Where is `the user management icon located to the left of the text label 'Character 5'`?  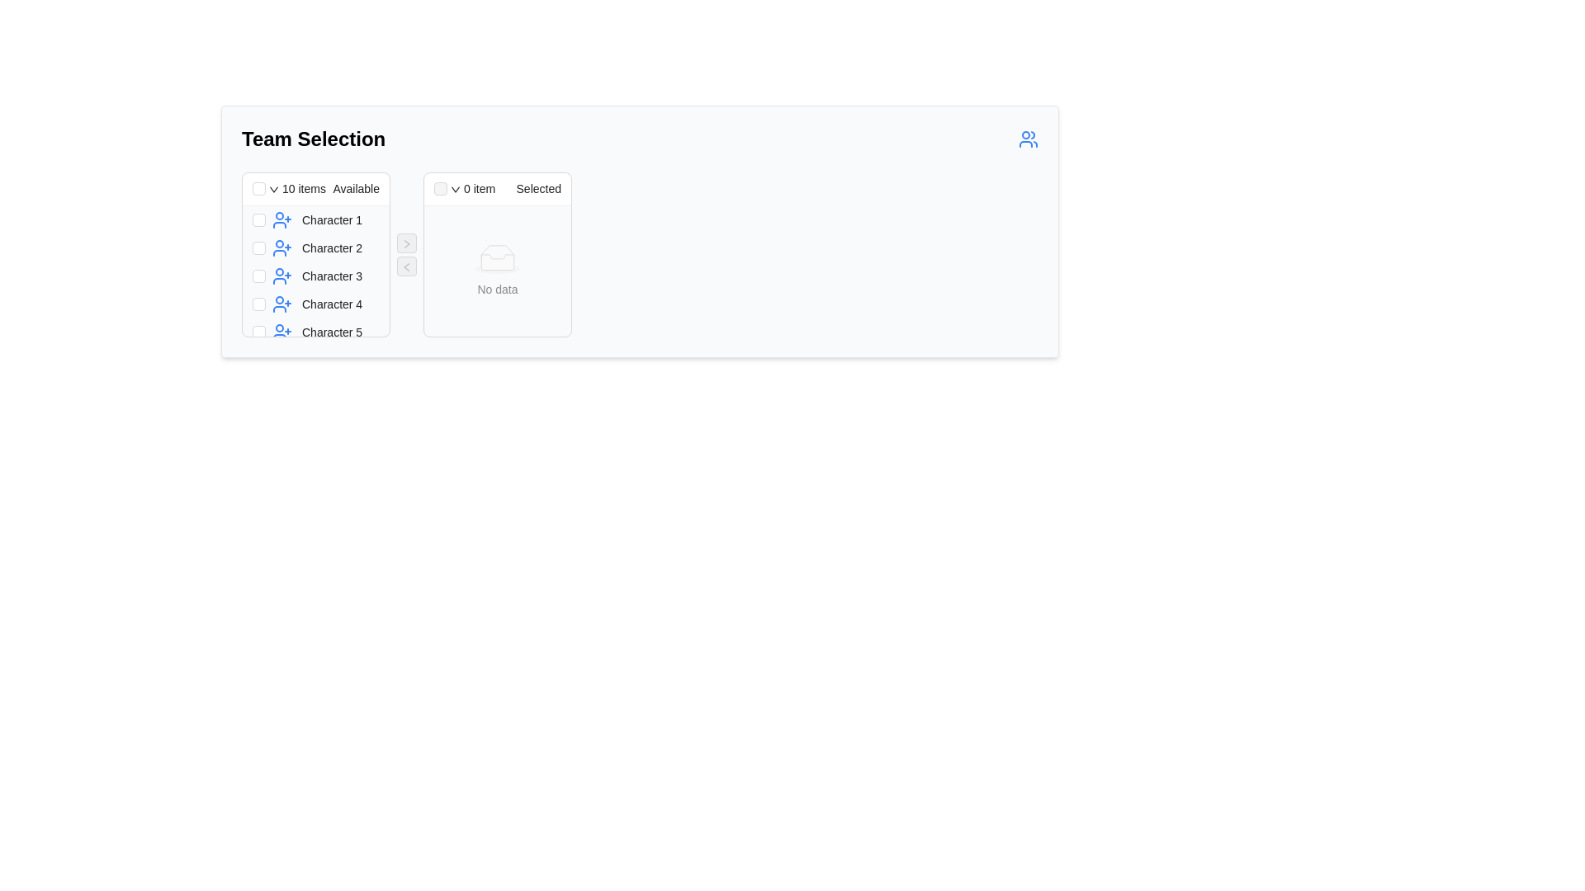 the user management icon located to the left of the text label 'Character 5' is located at coordinates (282, 332).